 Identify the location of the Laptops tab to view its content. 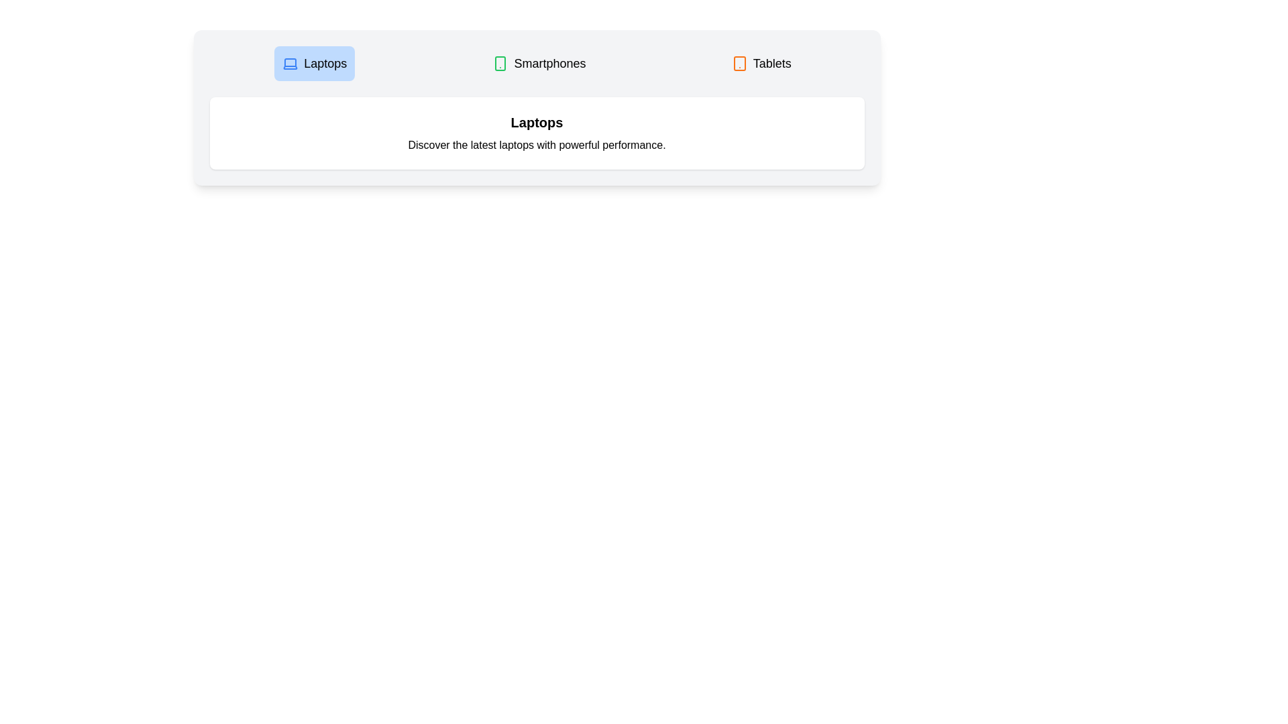
(314, 64).